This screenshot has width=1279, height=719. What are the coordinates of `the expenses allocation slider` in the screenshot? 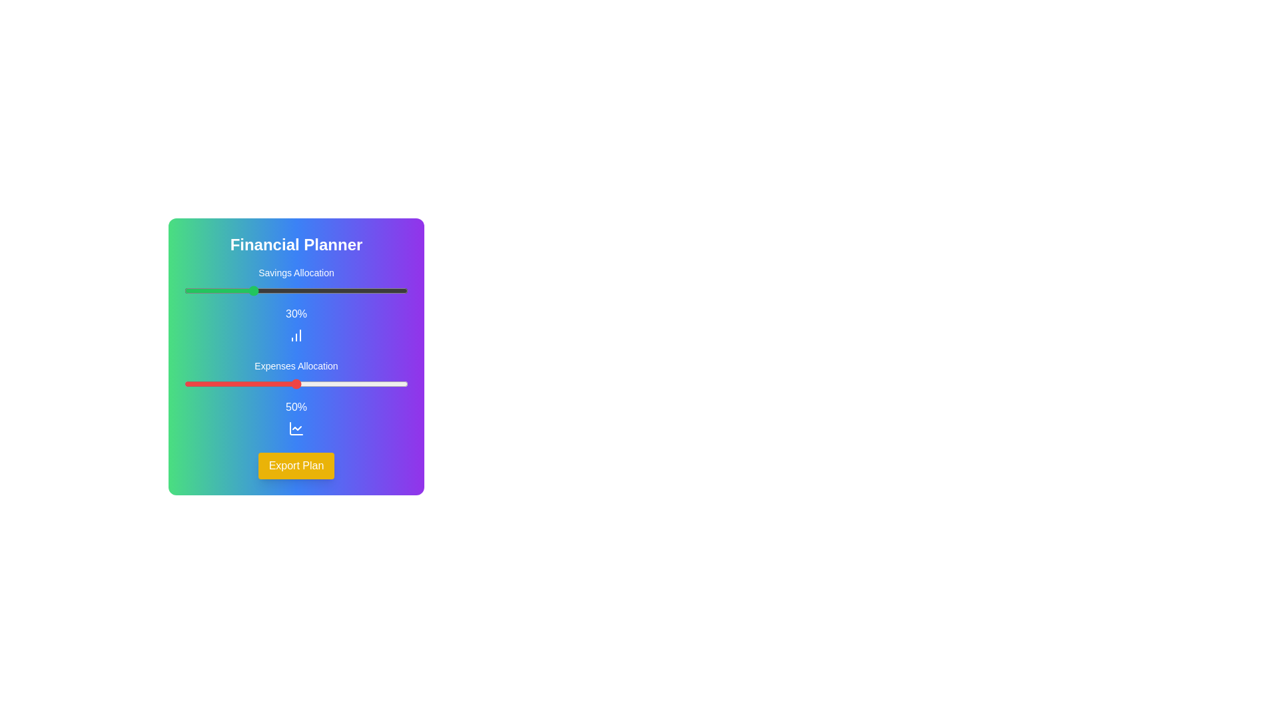 It's located at (222, 384).